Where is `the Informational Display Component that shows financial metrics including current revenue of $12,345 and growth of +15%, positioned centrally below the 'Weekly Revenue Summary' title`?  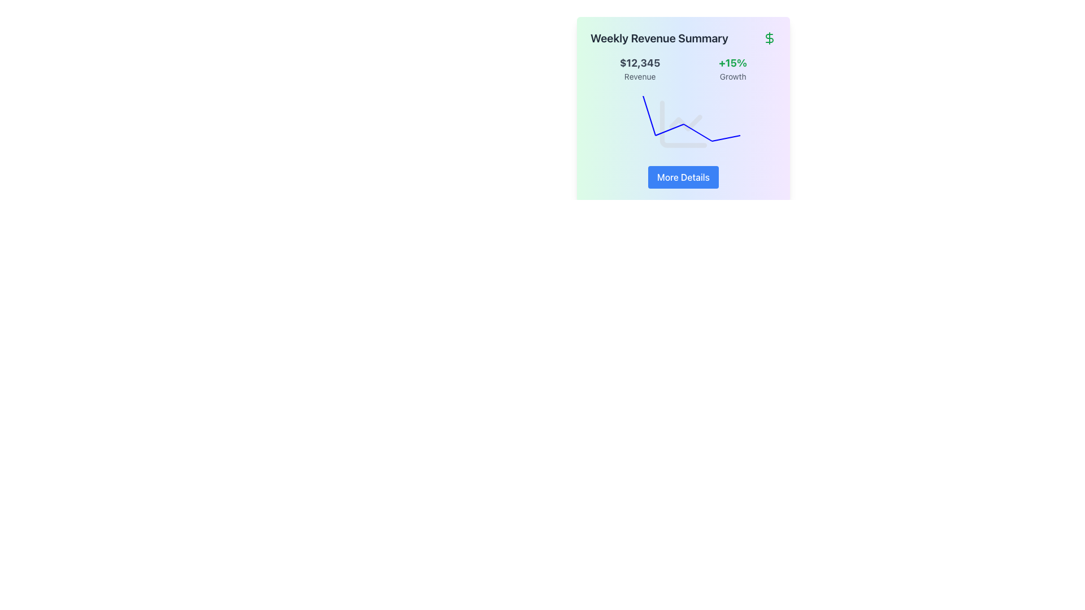
the Informational Display Component that shows financial metrics including current revenue of $12,345 and growth of +15%, positioned centrally below the 'Weekly Revenue Summary' title is located at coordinates (683, 69).